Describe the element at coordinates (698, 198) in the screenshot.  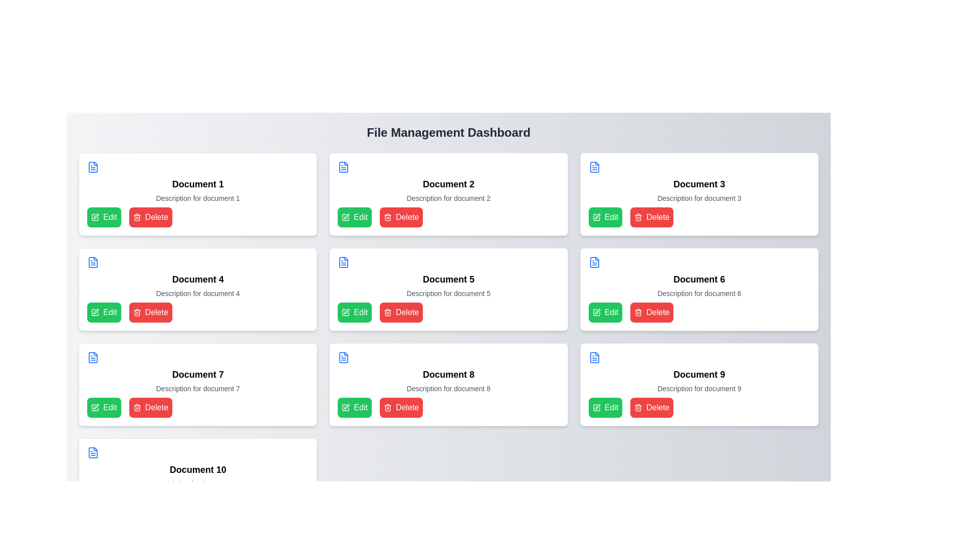
I see `text snippet 'Description for document 3' which is styled in a small font and light gray color, located centrally beneath the 'Document 3' title in a bordered box` at that location.